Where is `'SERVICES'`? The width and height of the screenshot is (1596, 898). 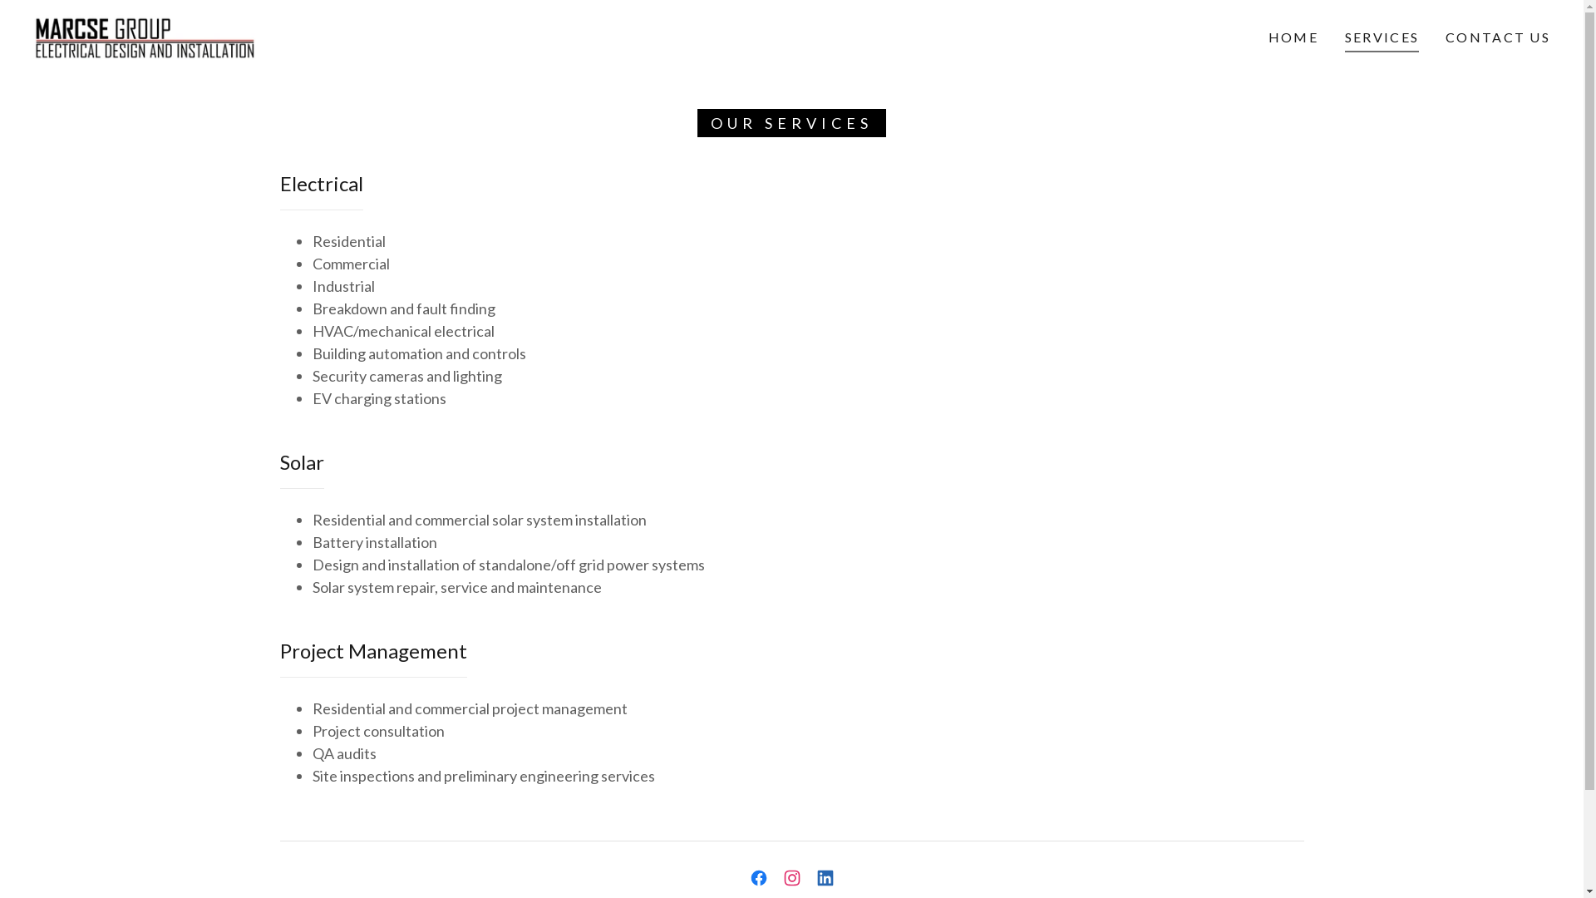 'SERVICES' is located at coordinates (1382, 38).